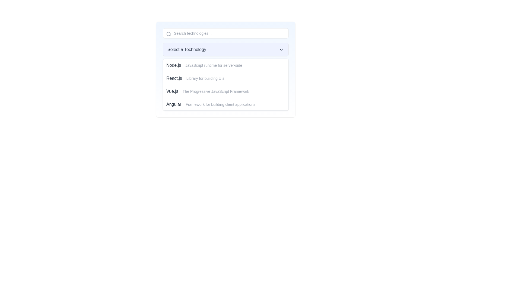 Image resolution: width=521 pixels, height=293 pixels. What do you see at coordinates (225, 49) in the screenshot?
I see `the Dropdown trigger with the label 'Select a Technology'` at bounding box center [225, 49].